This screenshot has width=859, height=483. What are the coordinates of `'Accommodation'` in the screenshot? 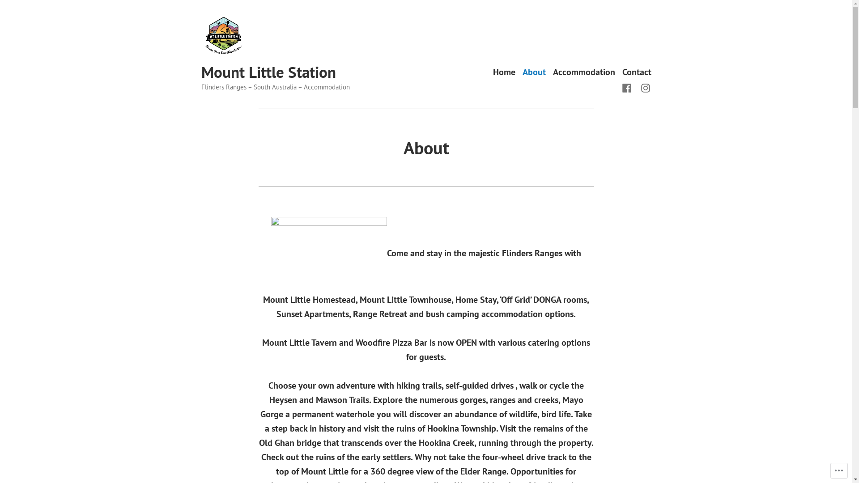 It's located at (584, 72).